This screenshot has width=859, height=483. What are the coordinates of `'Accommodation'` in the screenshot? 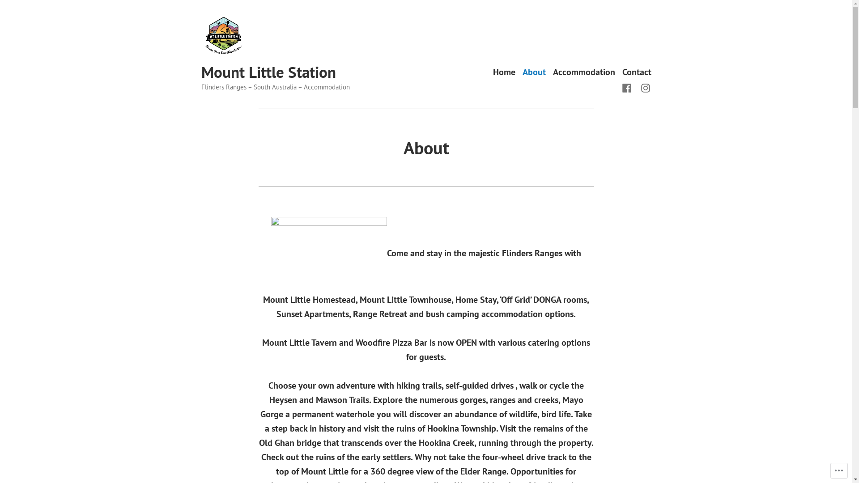 It's located at (584, 72).